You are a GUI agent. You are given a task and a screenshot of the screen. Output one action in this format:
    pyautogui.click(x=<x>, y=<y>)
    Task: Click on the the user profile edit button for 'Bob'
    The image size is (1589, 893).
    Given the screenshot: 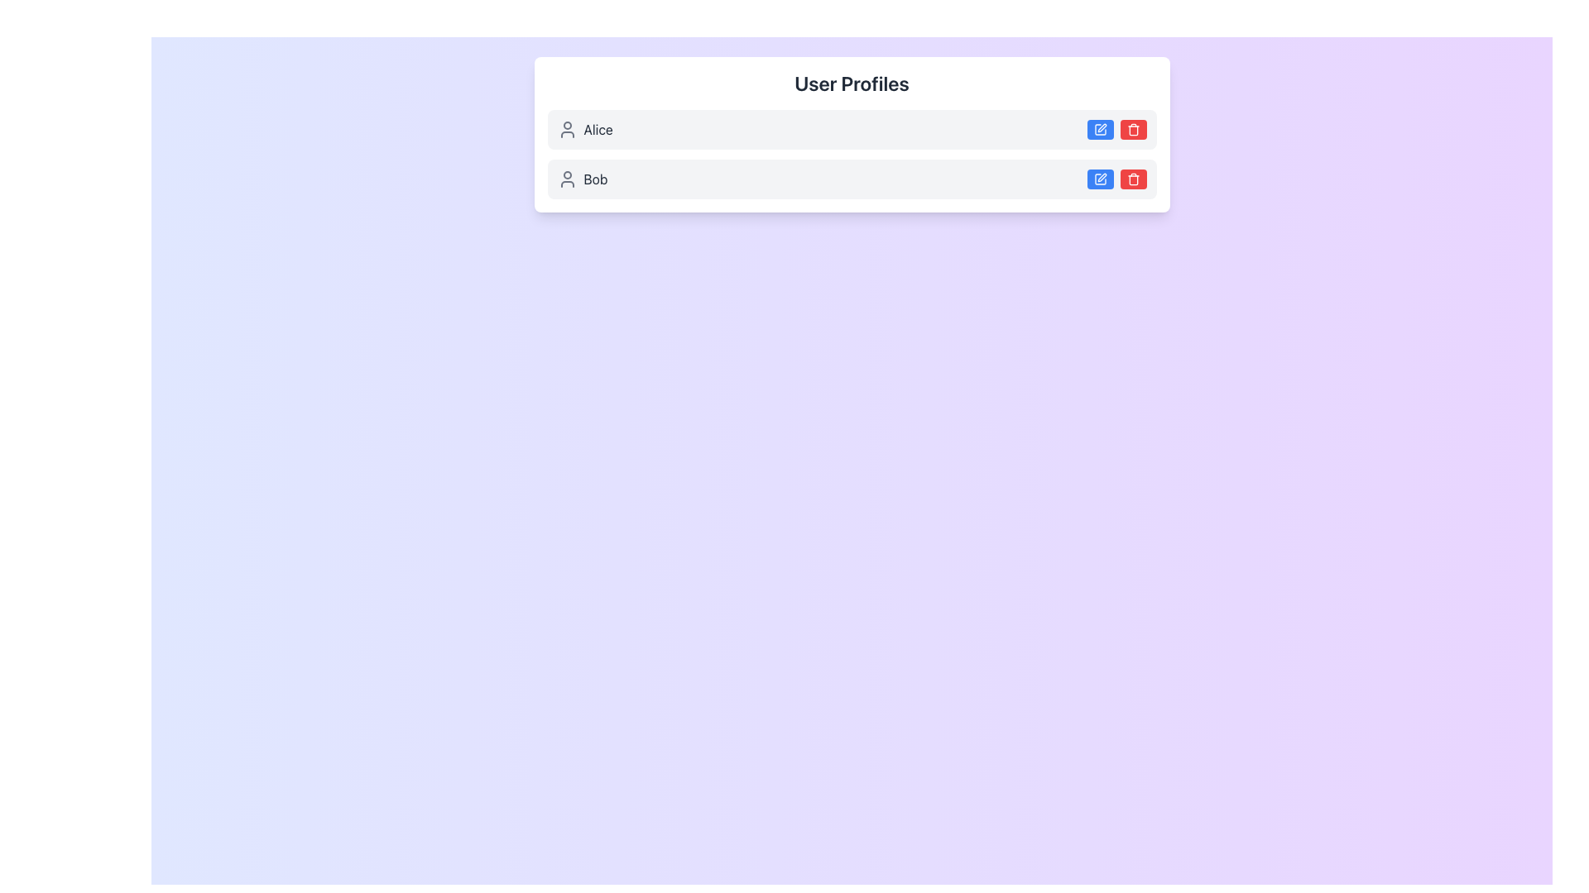 What is the action you would take?
    pyautogui.click(x=1100, y=179)
    